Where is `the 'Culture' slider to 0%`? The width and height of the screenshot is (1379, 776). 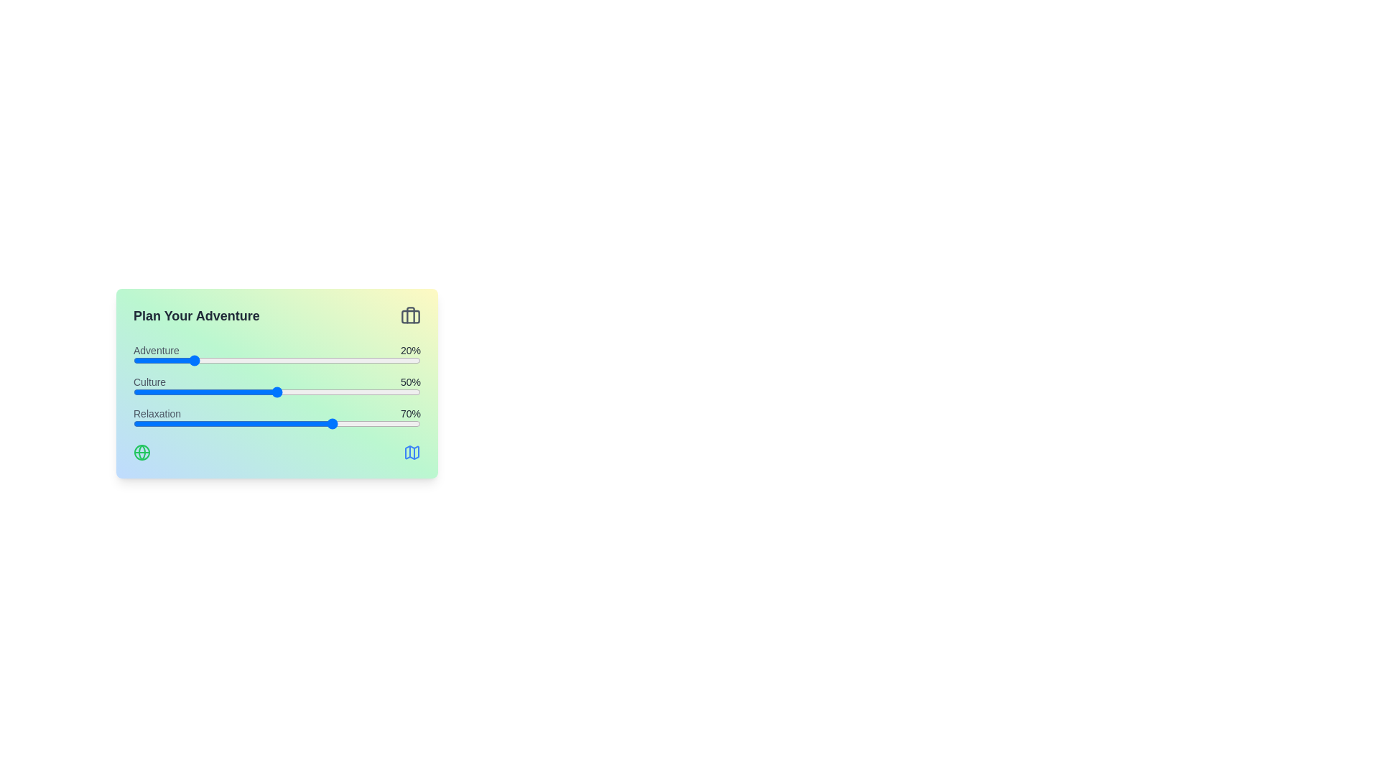
the 'Culture' slider to 0% is located at coordinates (134, 392).